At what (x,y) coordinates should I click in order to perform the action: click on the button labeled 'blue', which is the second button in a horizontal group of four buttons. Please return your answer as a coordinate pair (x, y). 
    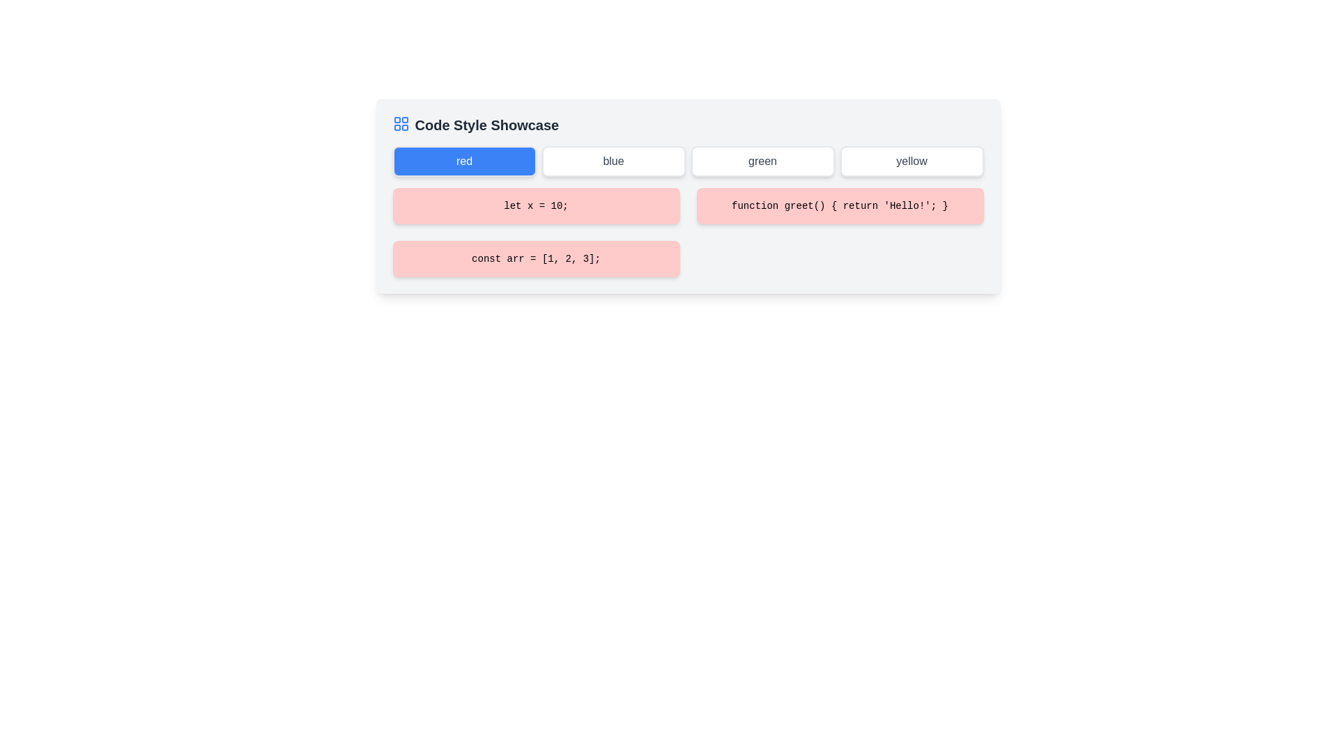
    Looking at the image, I should click on (613, 160).